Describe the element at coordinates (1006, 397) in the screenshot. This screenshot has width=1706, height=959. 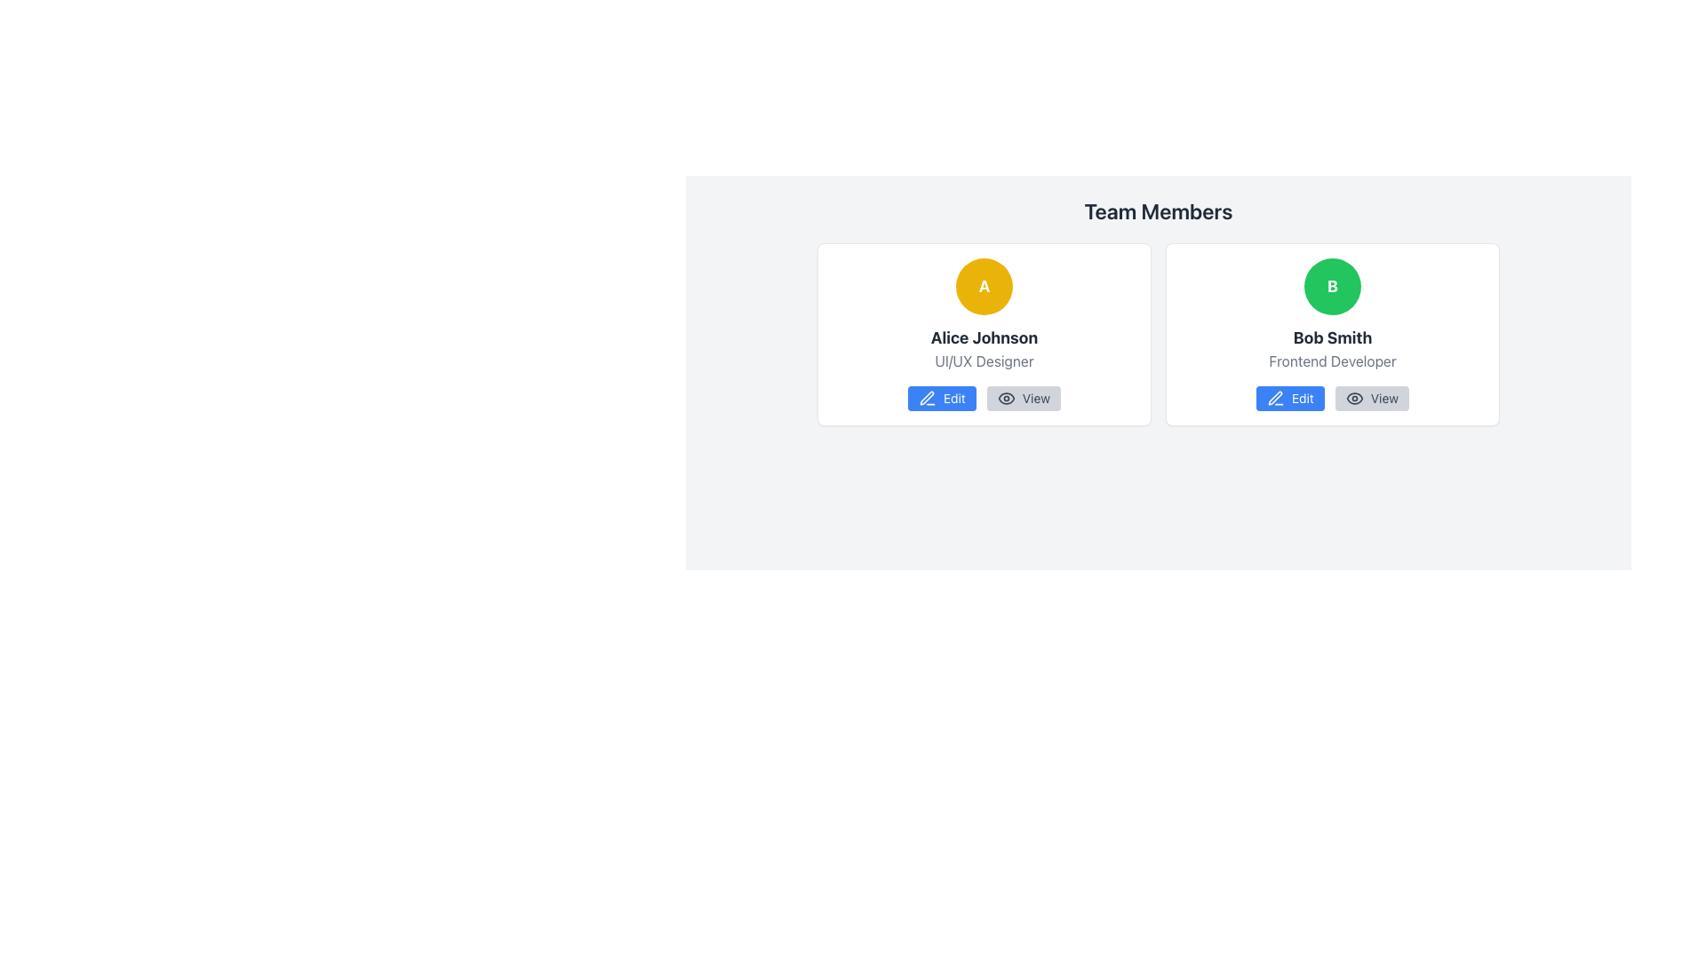
I see `the eye-shaped icon within the 'View' button located at the bottom-right corner of the card for 'Alice Johnson'` at that location.